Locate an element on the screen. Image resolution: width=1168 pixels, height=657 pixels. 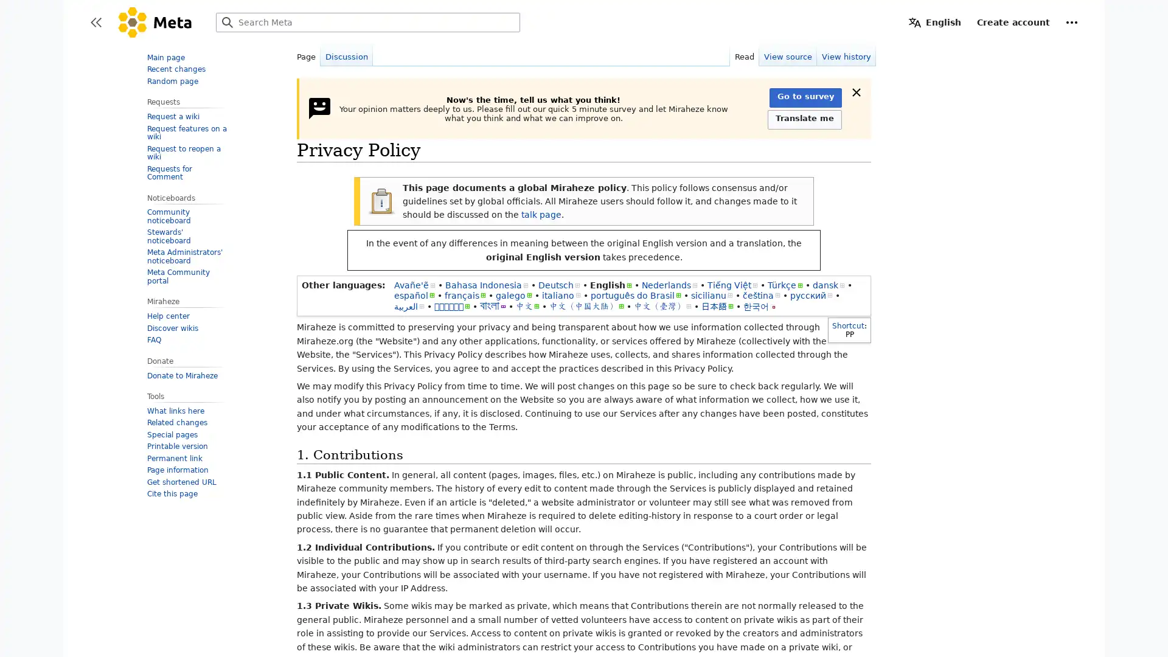
Search is located at coordinates (228, 23).